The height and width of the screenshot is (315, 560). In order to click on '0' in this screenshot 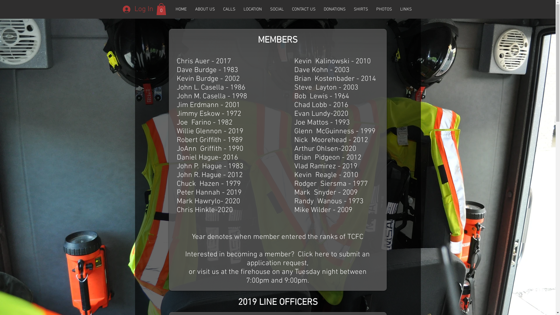, I will do `click(156, 9)`.